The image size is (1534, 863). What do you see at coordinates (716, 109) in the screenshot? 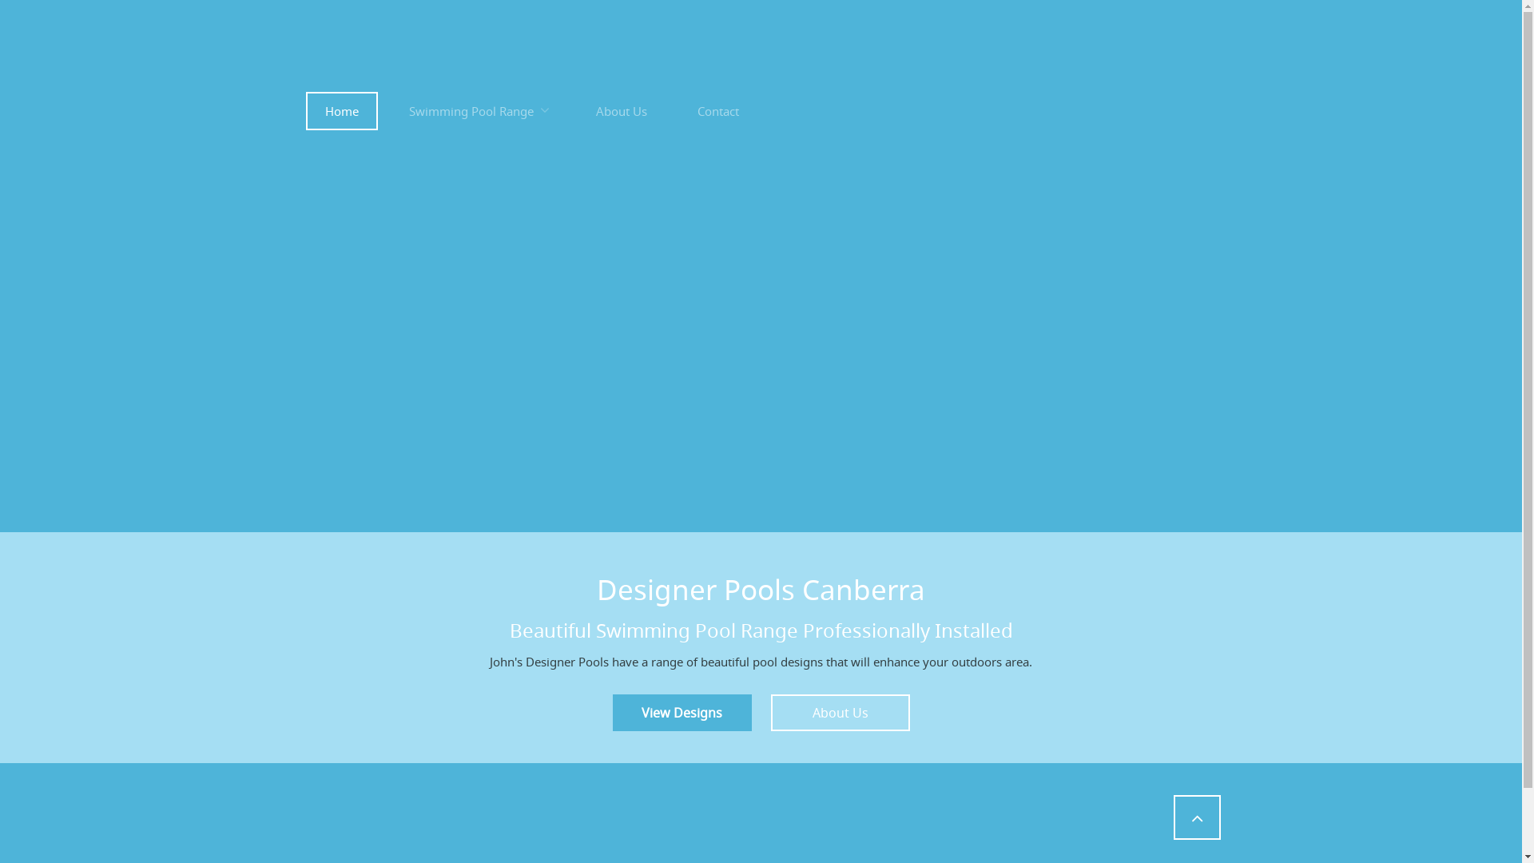
I see `'Contact'` at bounding box center [716, 109].